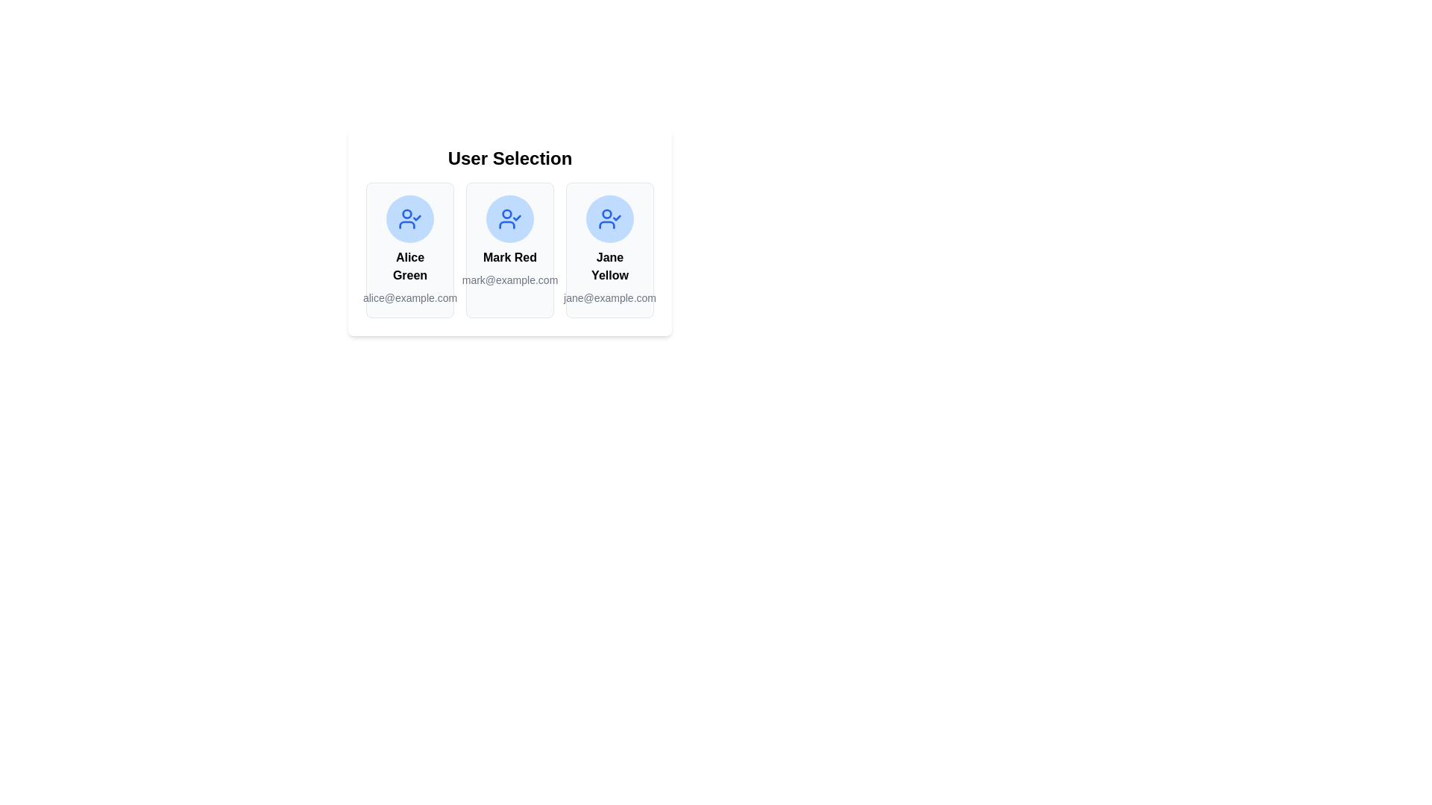  Describe the element at coordinates (410, 298) in the screenshot. I see `the text label displaying the email address 'alice@example.com', which is located beneath the name 'Alice Green' in the leftmost card of a three-card layout` at that location.